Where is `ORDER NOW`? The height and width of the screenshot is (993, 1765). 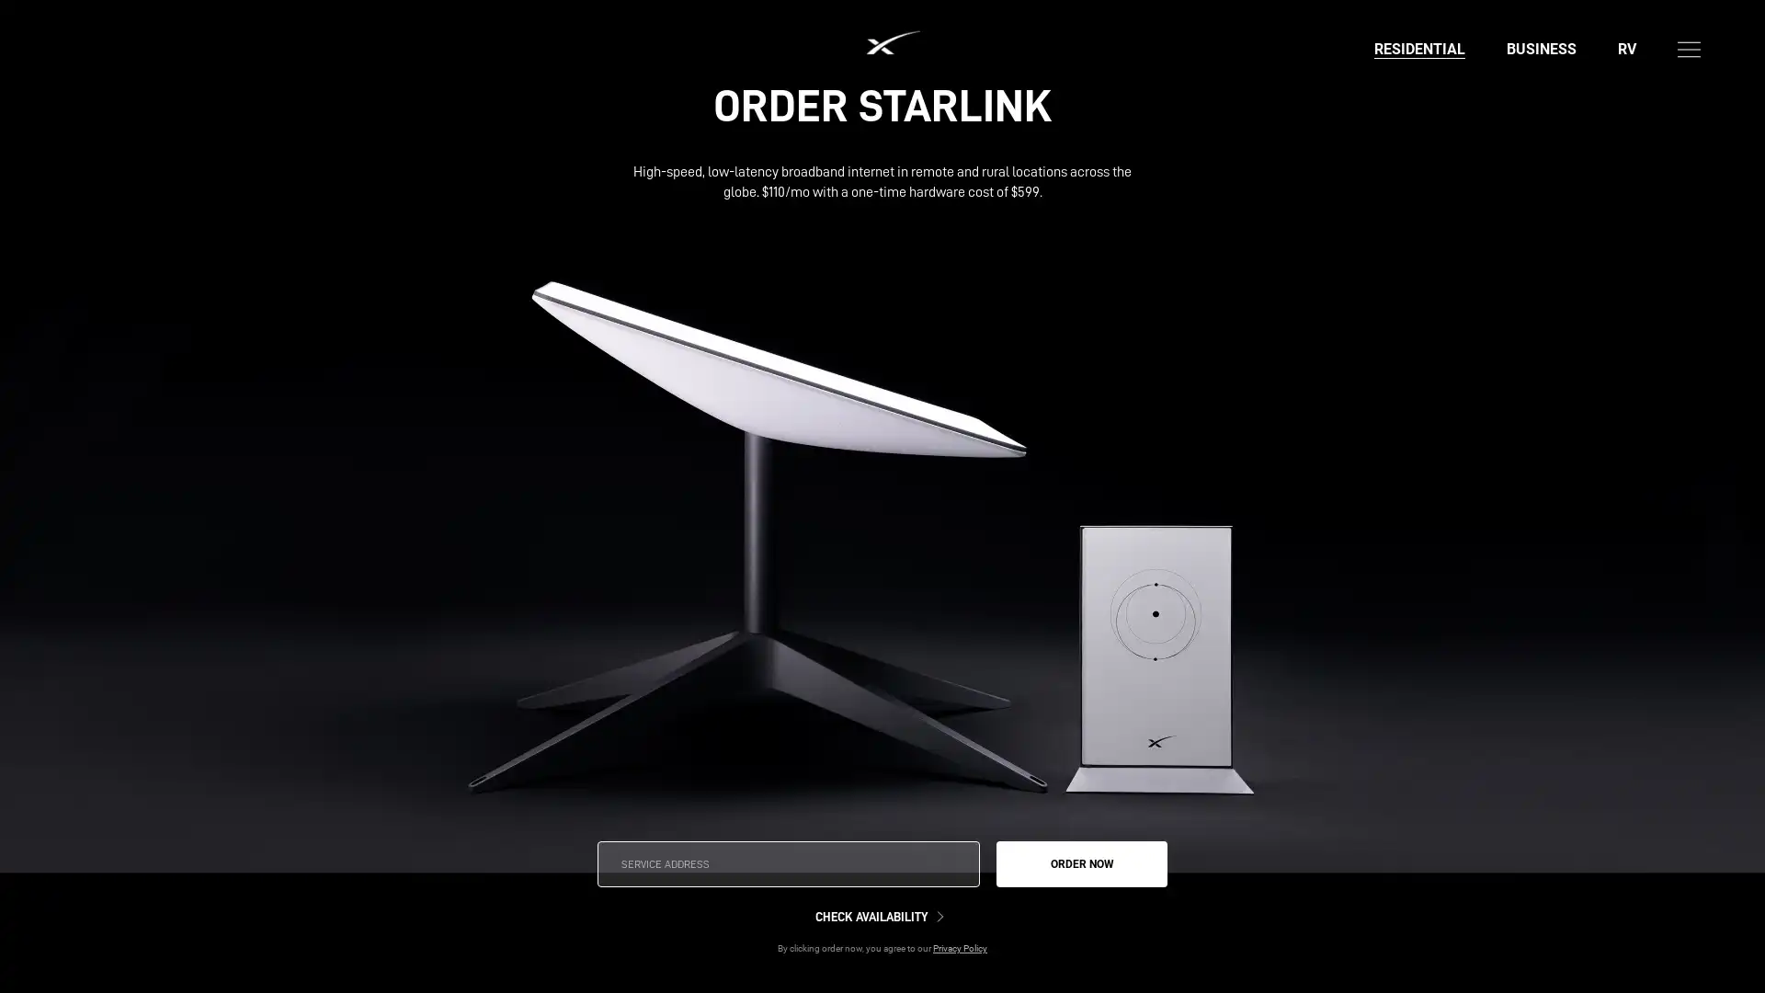
ORDER NOW is located at coordinates (1081, 864).